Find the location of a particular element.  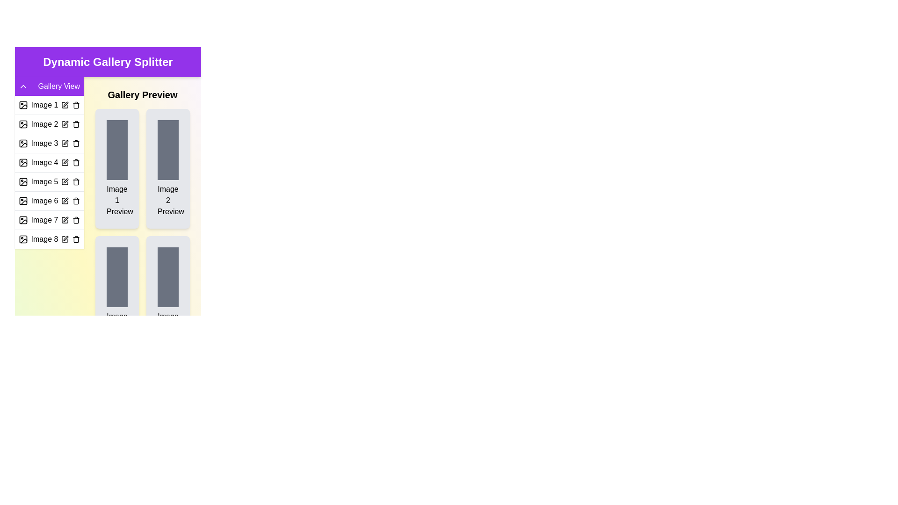

the delete icon of the selectable entry representing 'Image 7' in the Gallery View list is located at coordinates (49, 220).